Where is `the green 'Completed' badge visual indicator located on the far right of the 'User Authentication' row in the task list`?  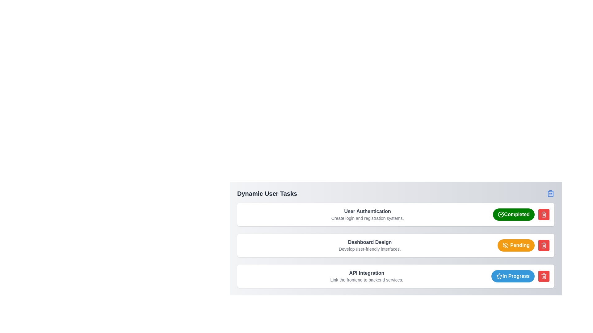
the green 'Completed' badge visual indicator located on the far right of the 'User Authentication' row in the task list is located at coordinates (501, 214).